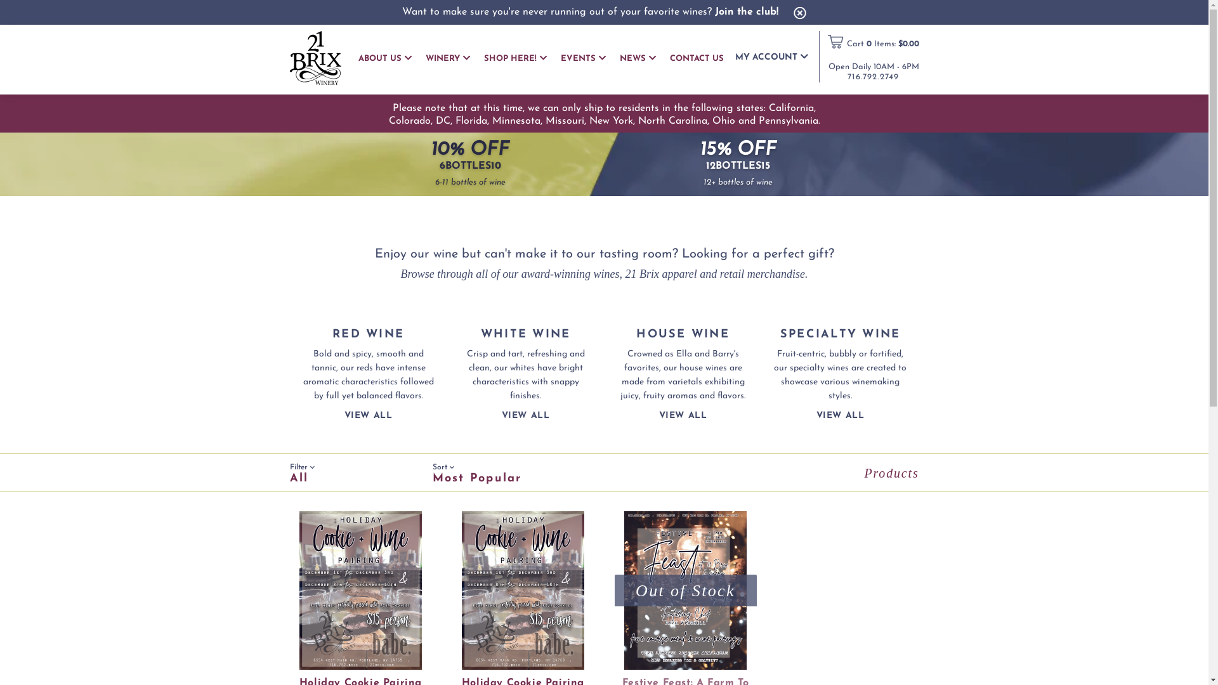 The height and width of the screenshot is (685, 1218). I want to click on 'ABOUT US', so click(357, 58).